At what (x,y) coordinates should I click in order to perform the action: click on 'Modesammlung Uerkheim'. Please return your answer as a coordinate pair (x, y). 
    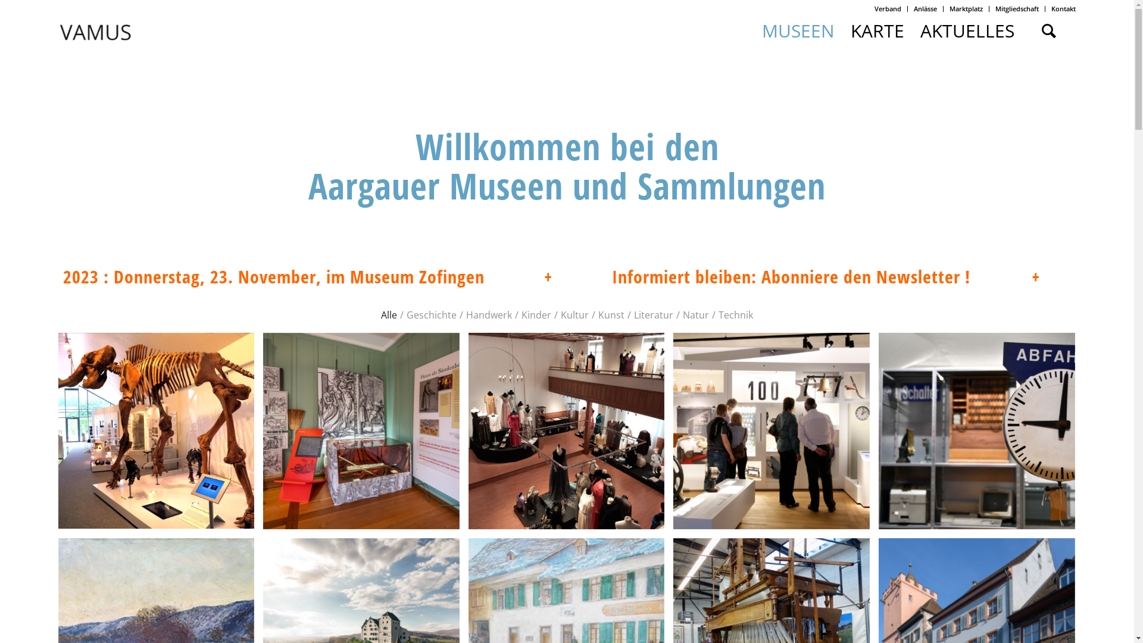
    Looking at the image, I should click on (570, 435).